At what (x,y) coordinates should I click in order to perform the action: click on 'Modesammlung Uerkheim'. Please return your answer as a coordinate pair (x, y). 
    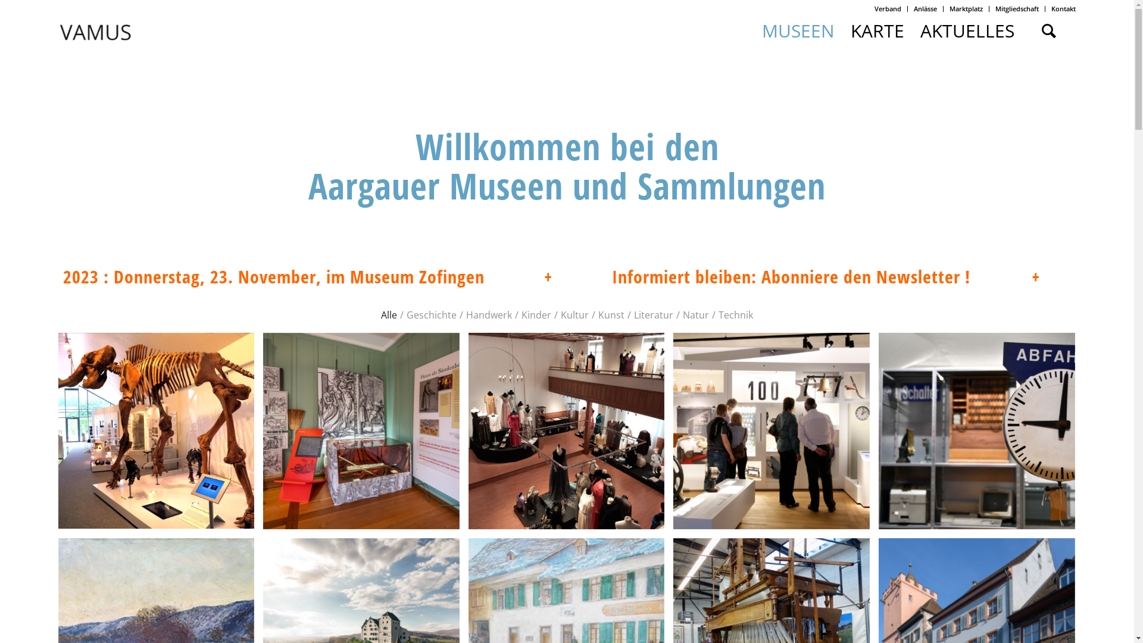
    Looking at the image, I should click on (570, 435).